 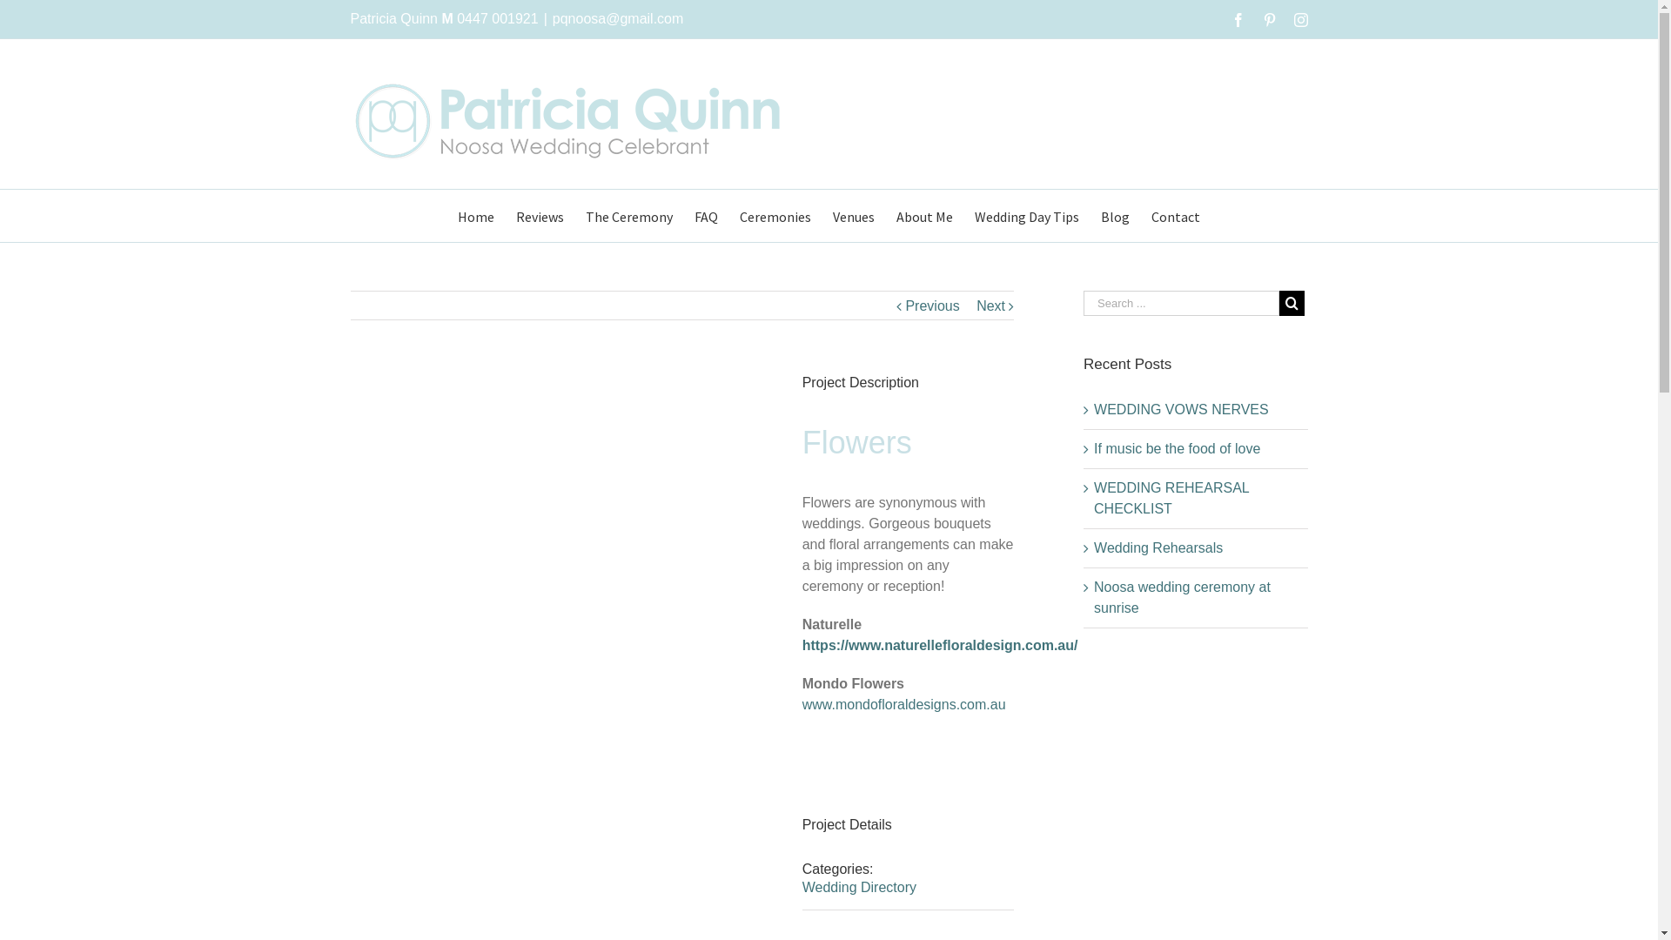 What do you see at coordinates (706, 214) in the screenshot?
I see `'FAQ'` at bounding box center [706, 214].